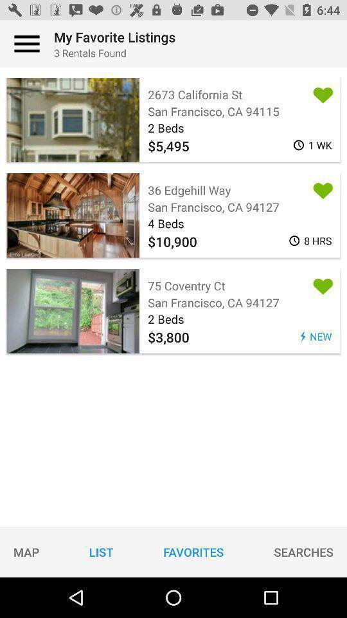  I want to click on the item next to the list icon, so click(193, 551).